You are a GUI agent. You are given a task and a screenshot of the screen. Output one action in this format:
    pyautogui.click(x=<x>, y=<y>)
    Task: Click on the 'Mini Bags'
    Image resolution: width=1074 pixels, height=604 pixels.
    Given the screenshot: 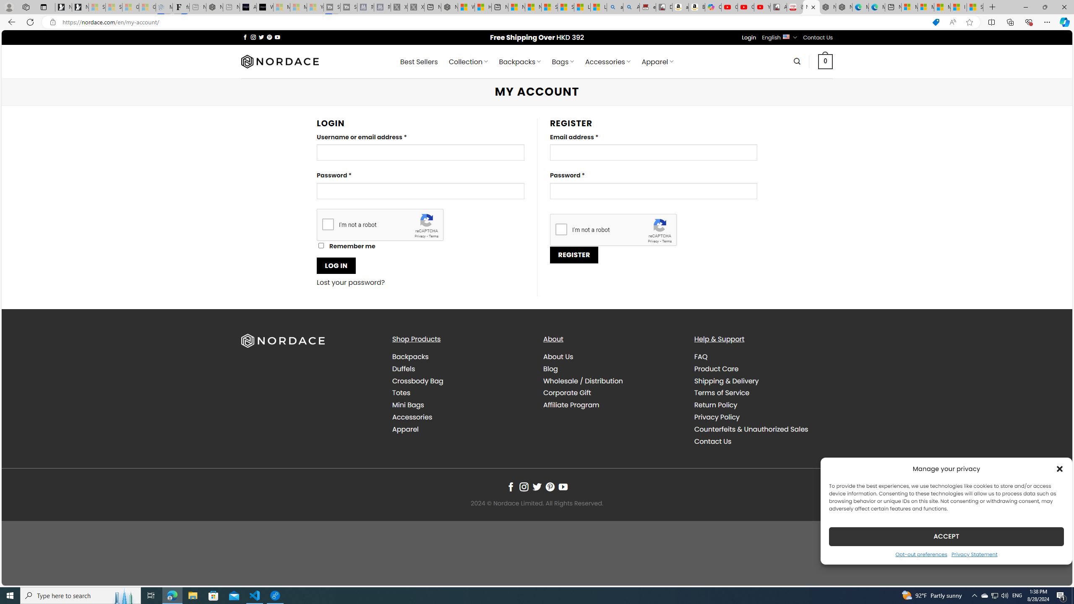 What is the action you would take?
    pyautogui.click(x=461, y=405)
    